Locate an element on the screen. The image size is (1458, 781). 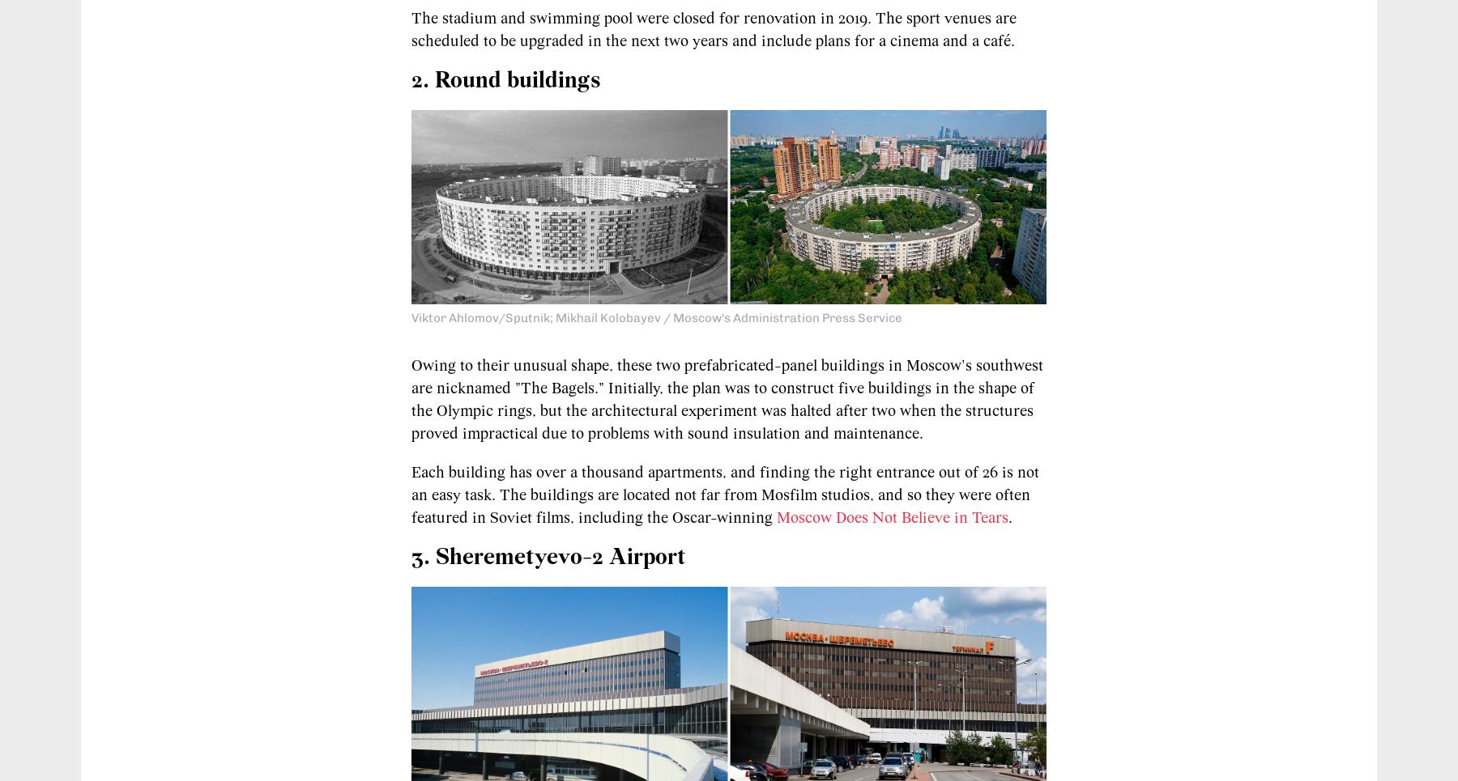
'Each building has over a thousand apartments, and finding the right entrance out of 26 is not an easy task. The buildings are located not far from Mosfilm studios, and so they were often featured in Soviet films, including the Oscar-winning' is located at coordinates (725, 494).